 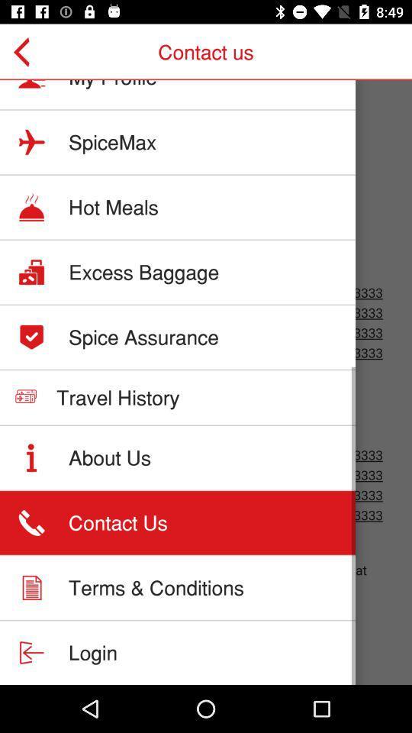 What do you see at coordinates (117, 396) in the screenshot?
I see `the item above the about us` at bounding box center [117, 396].